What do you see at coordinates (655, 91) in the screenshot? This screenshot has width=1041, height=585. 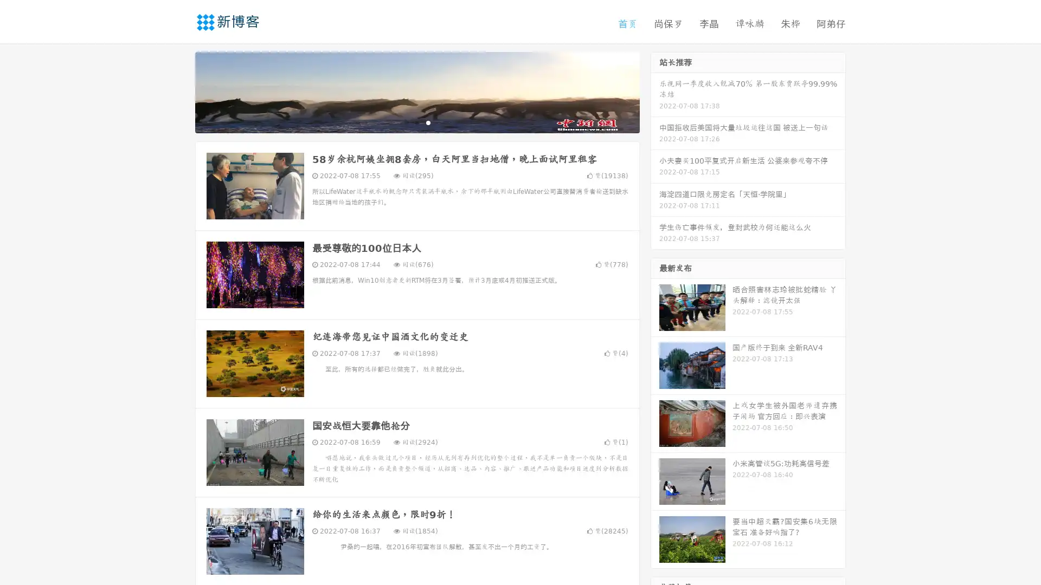 I see `Next slide` at bounding box center [655, 91].